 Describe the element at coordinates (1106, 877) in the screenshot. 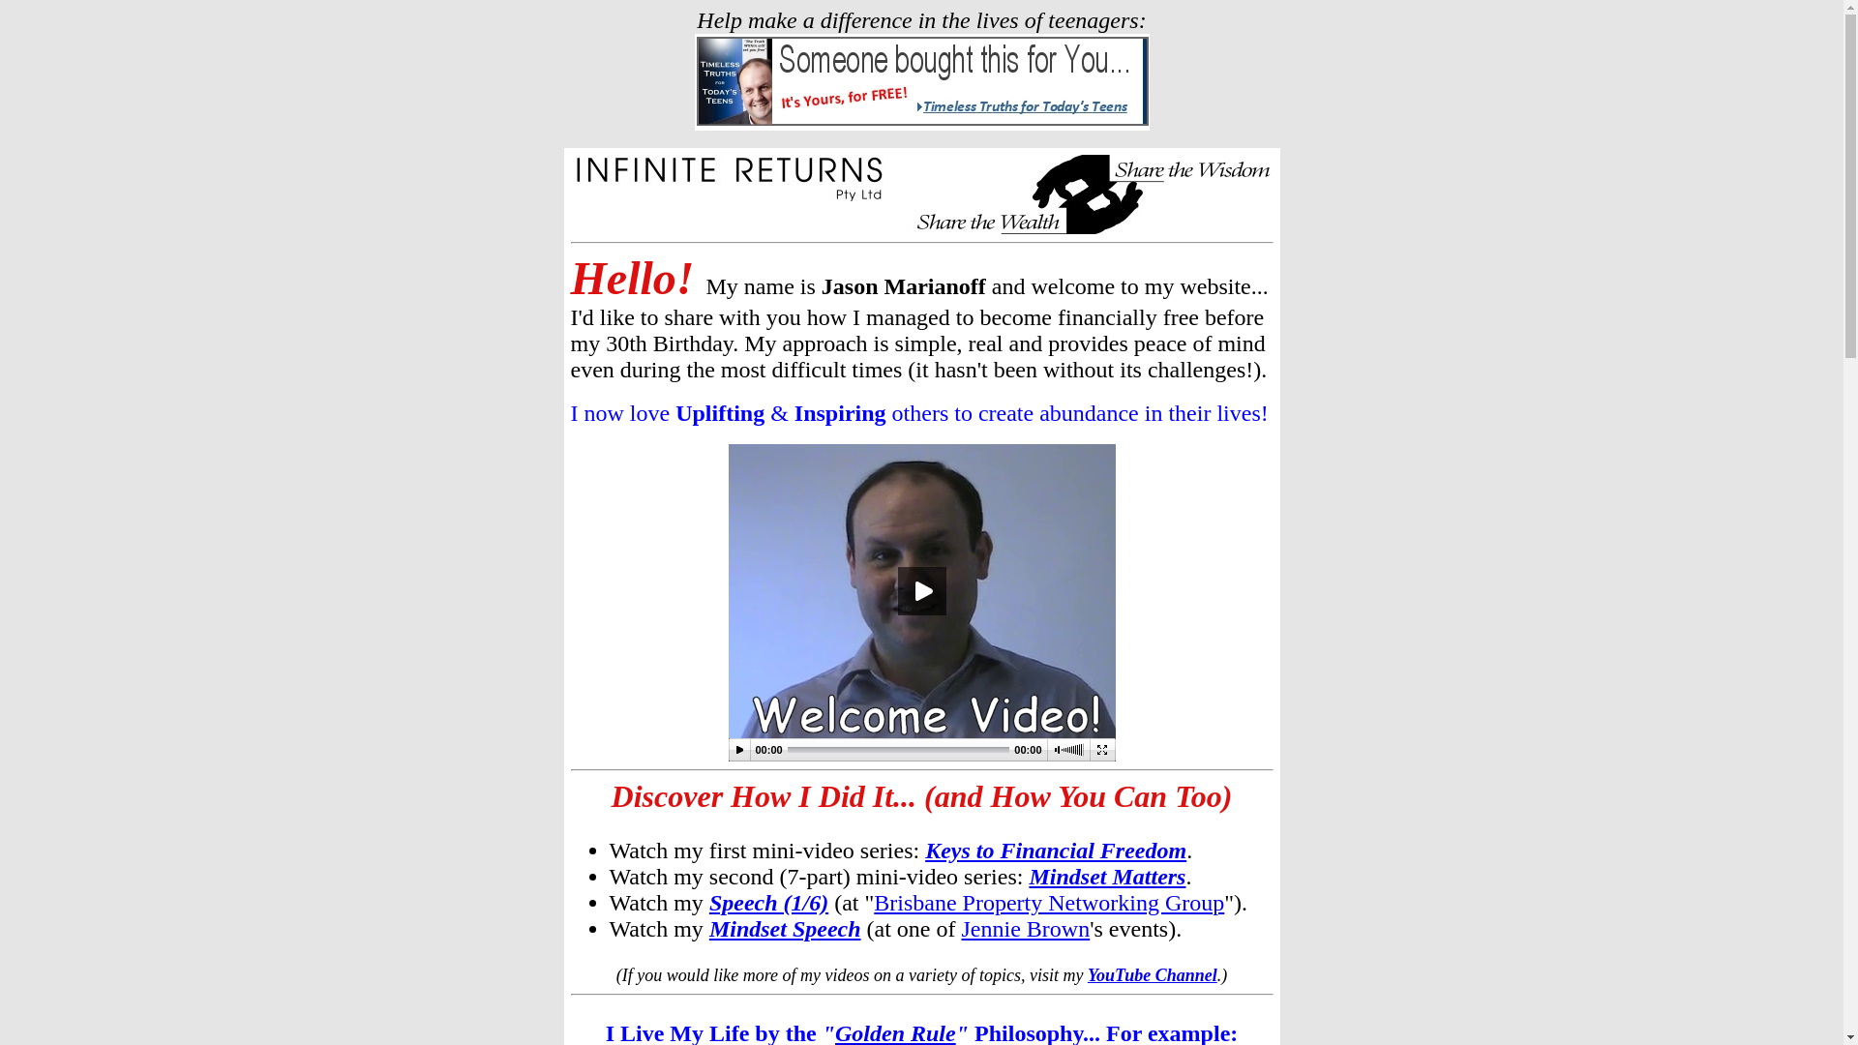

I see `'Mindset Matters'` at that location.